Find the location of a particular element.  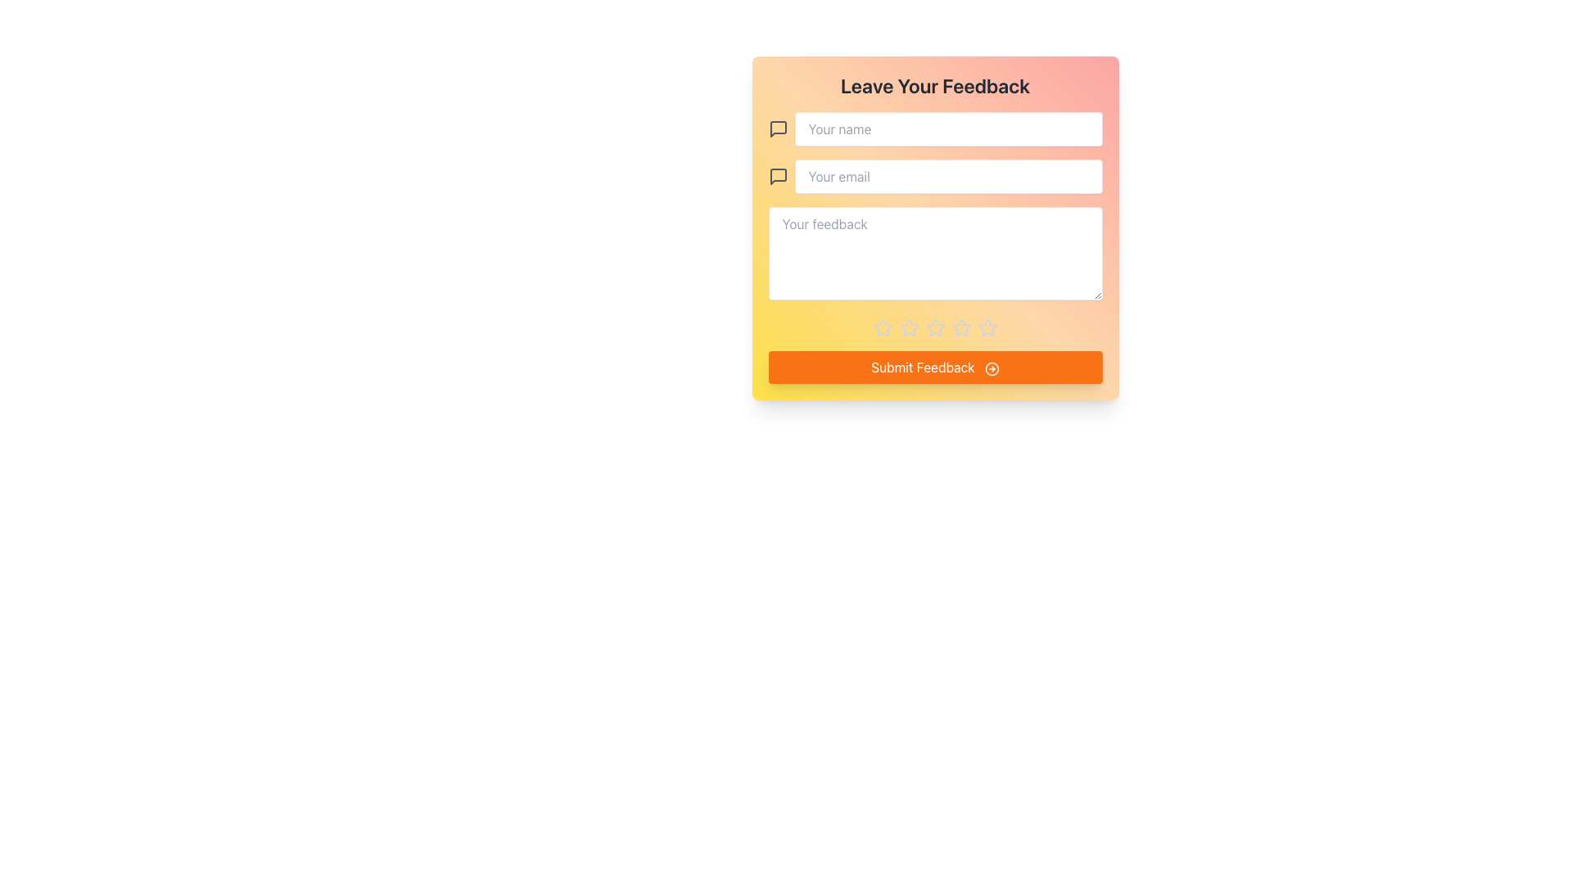

the third star-shaped icon with a gray outline and hollow center to provide a rating in the star rating component located below the feedback input form is located at coordinates (908, 328).